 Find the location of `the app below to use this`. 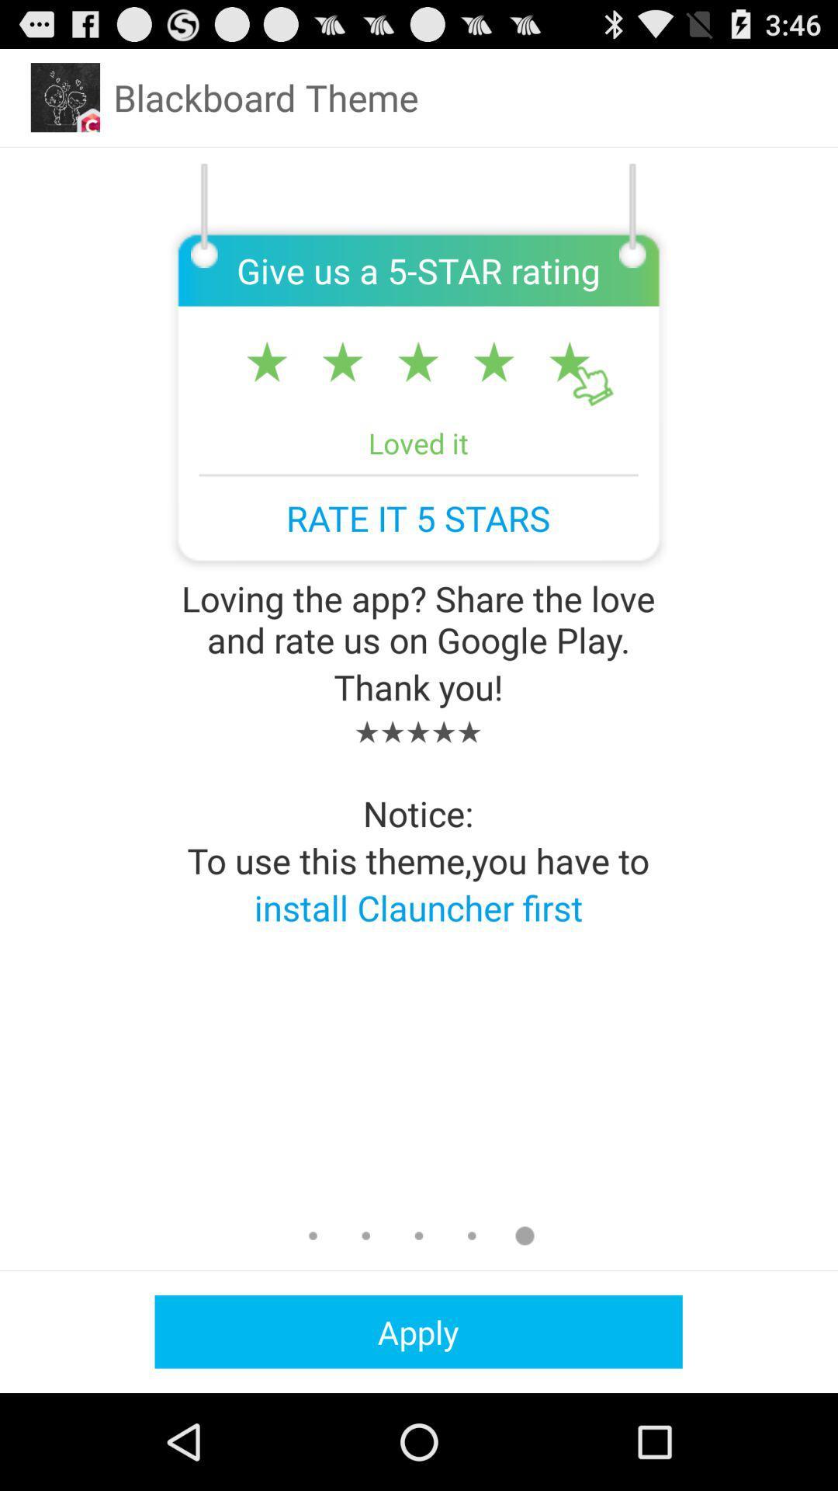

the app below to use this is located at coordinates (417, 907).